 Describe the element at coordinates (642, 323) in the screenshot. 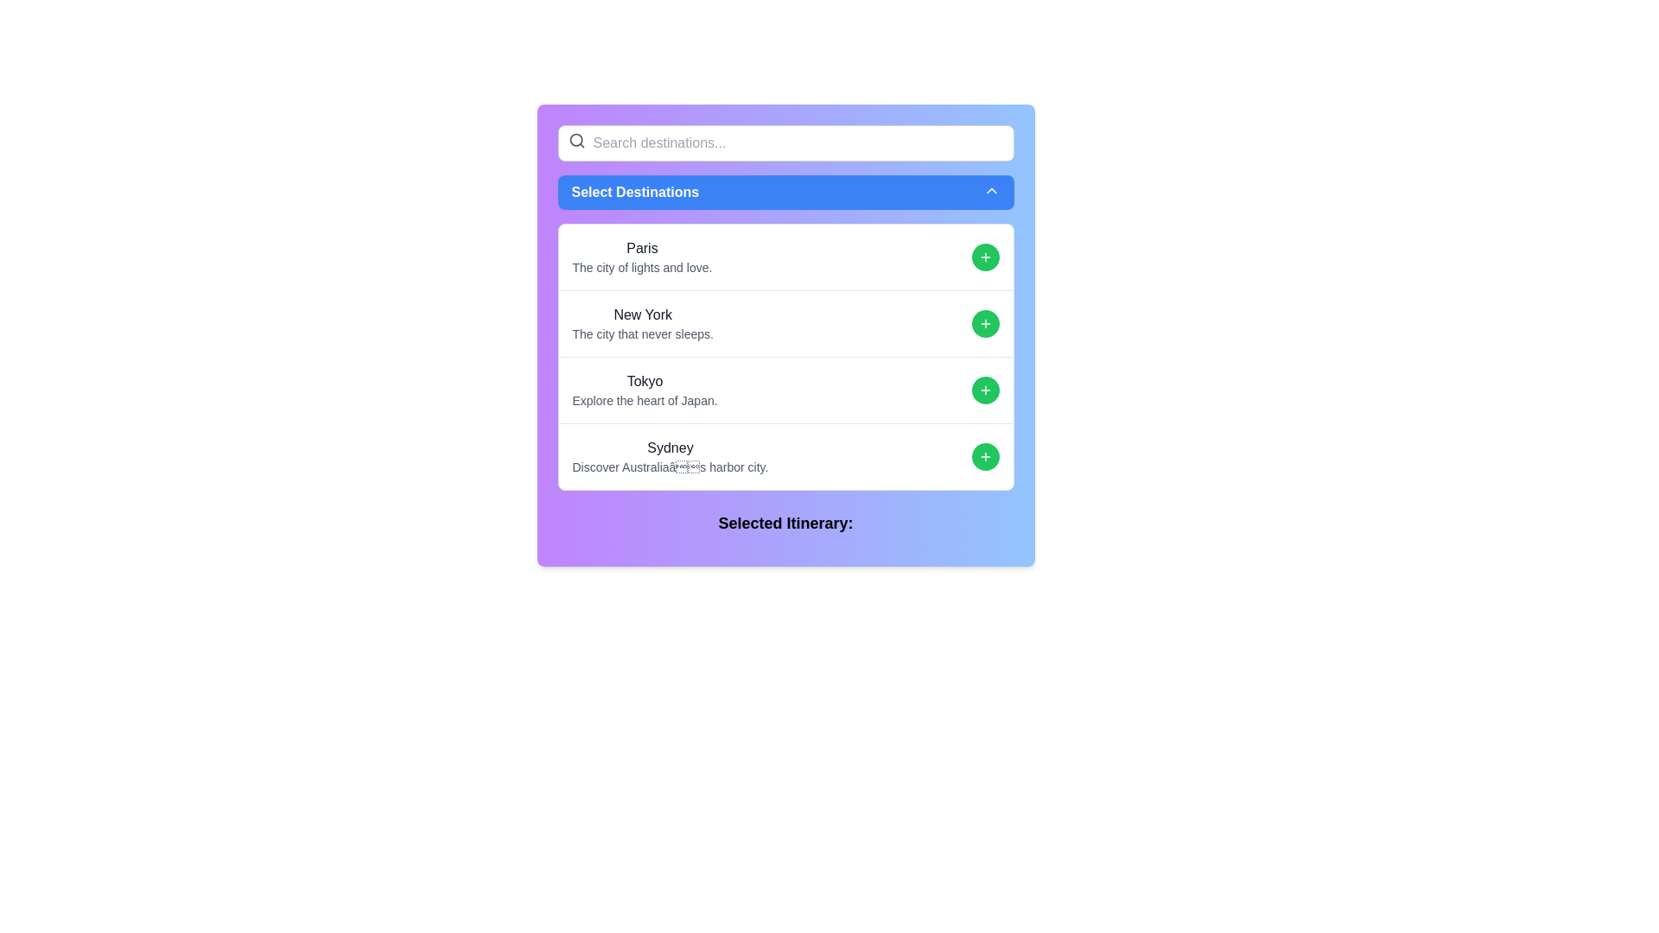

I see `text information displayed for the destination 'New York', which is the second item in the list of destinations, located in the middle section of the card-like structure` at that location.